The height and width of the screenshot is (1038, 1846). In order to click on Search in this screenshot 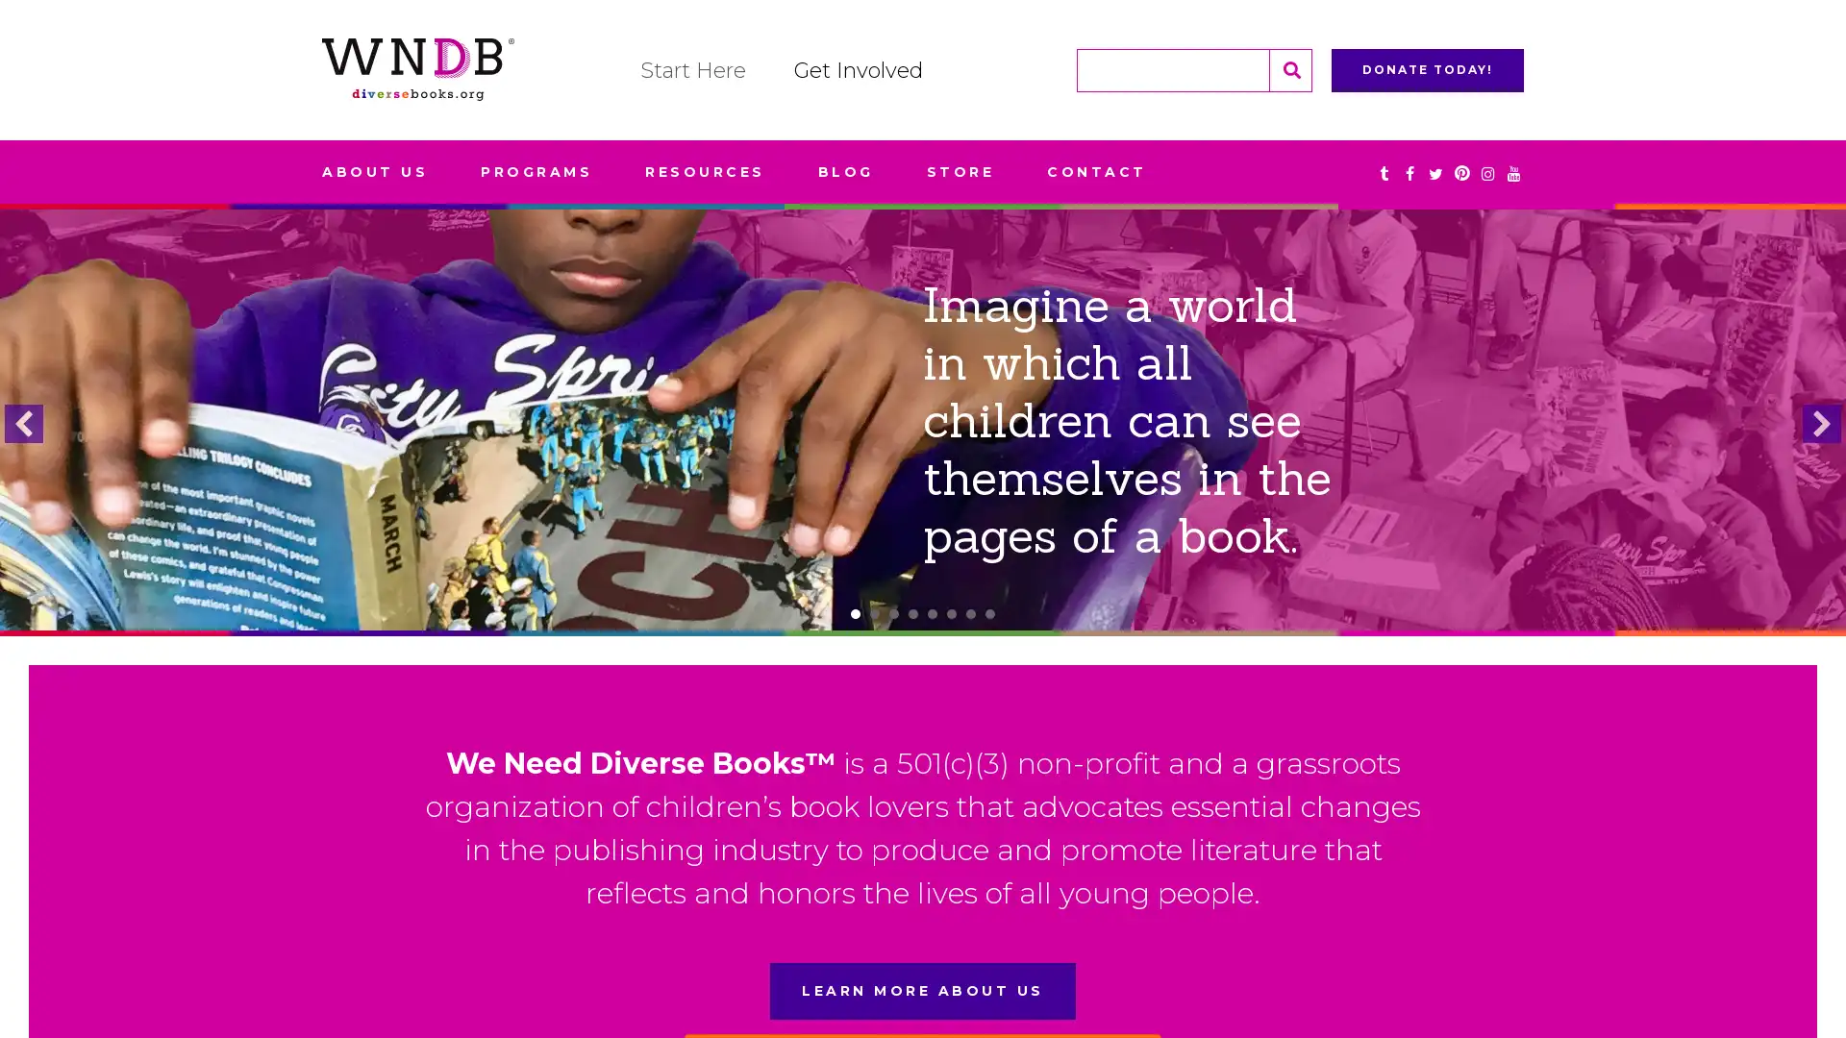, I will do `click(1290, 68)`.